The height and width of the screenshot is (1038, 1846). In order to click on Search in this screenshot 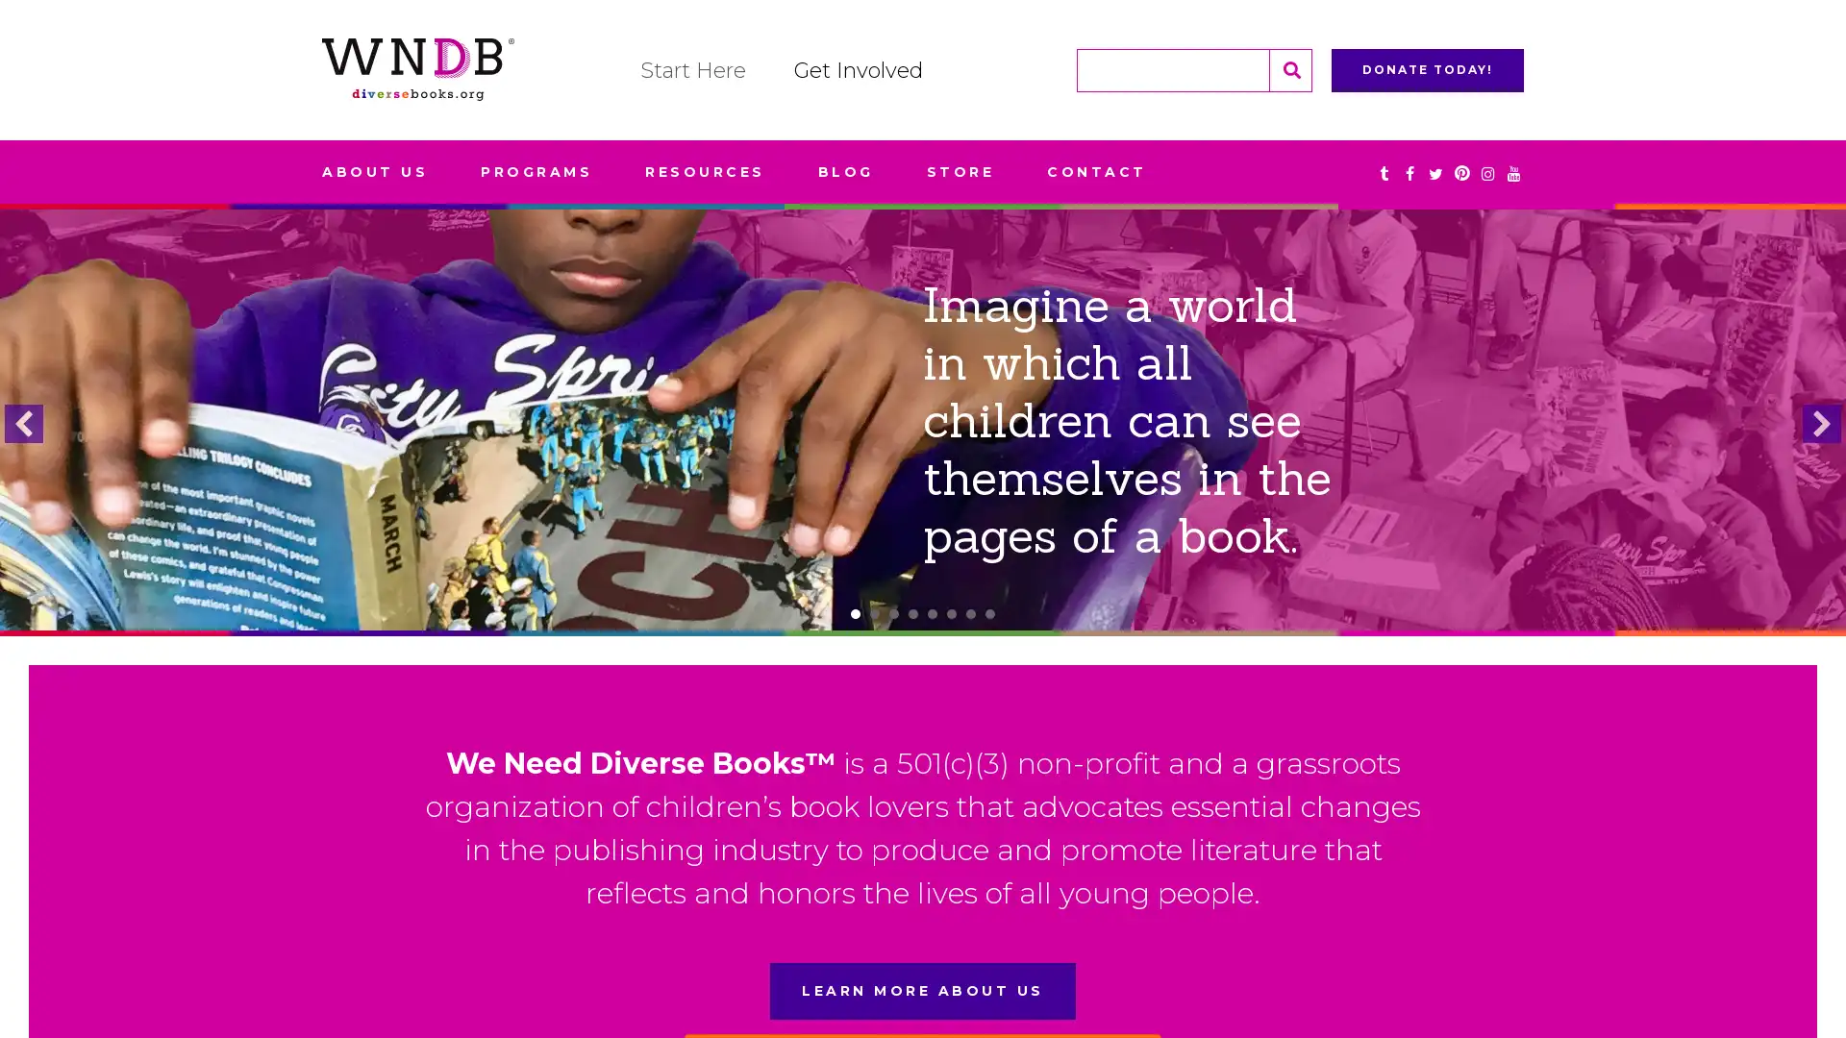, I will do `click(1290, 68)`.